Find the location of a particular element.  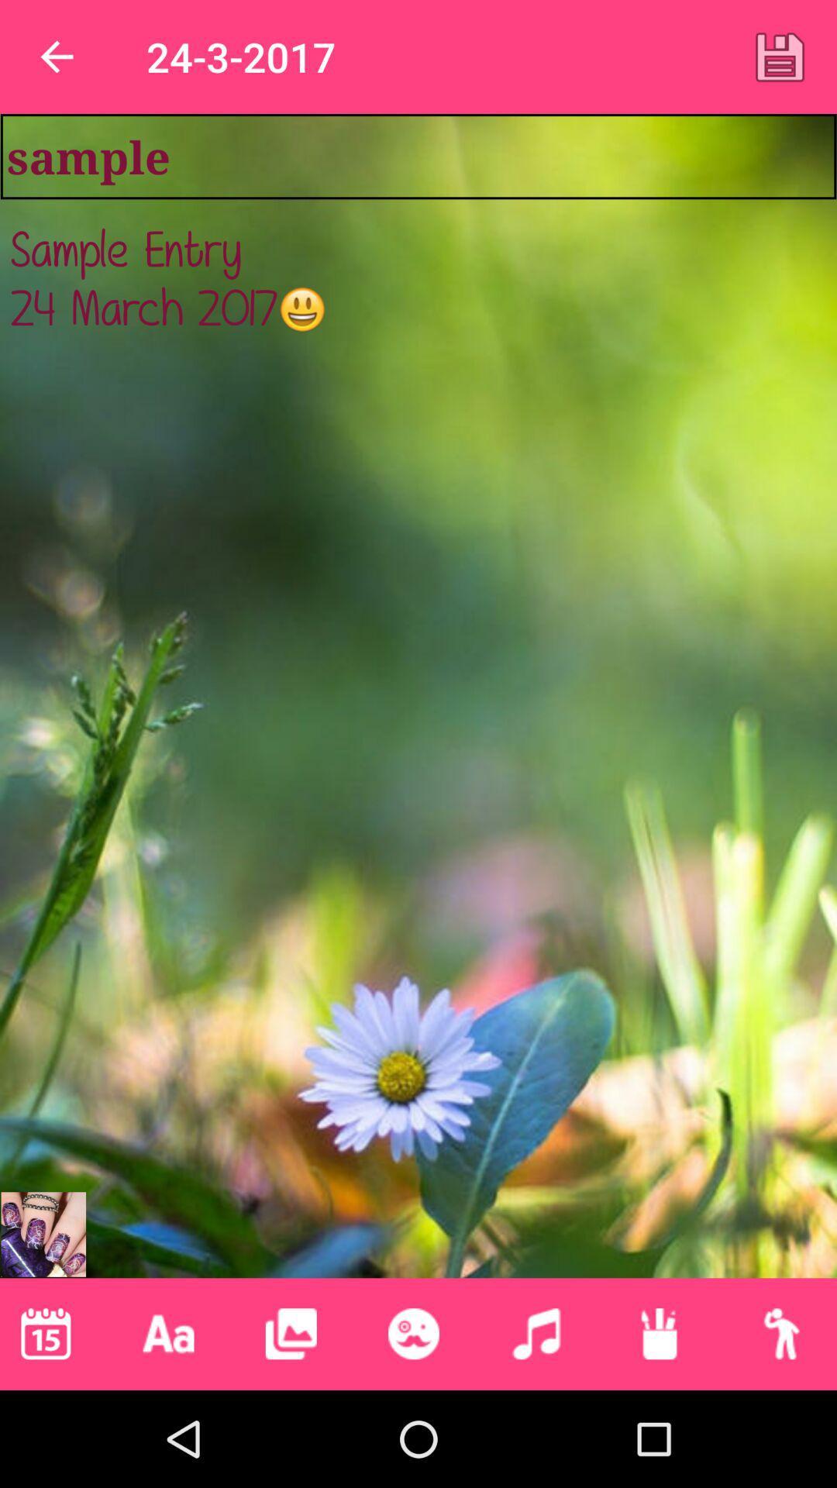

icon below the sample entry 24 item is located at coordinates (781, 1333).